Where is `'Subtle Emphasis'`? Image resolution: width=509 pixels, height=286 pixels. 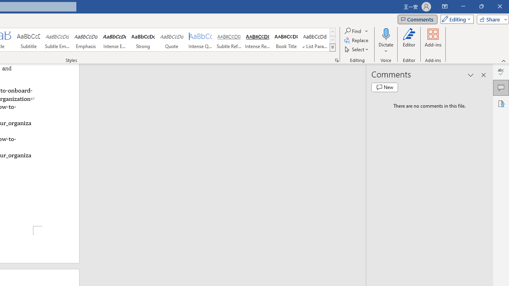 'Subtle Emphasis' is located at coordinates (57, 40).